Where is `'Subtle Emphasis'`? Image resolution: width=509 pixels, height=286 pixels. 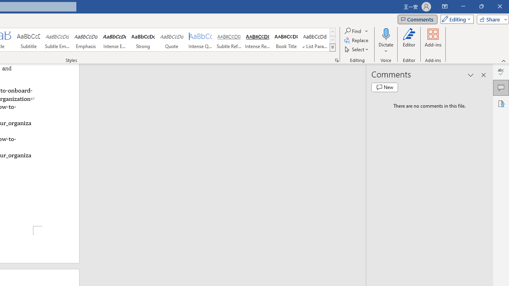 'Subtle Emphasis' is located at coordinates (57, 40).